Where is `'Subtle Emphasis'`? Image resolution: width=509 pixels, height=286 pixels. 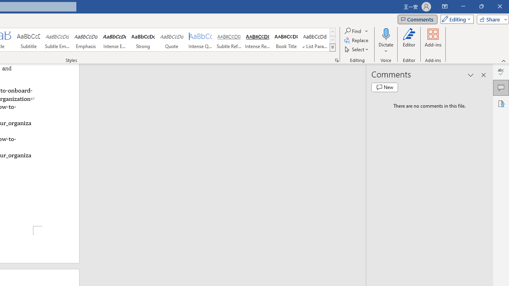 'Subtle Emphasis' is located at coordinates (57, 40).